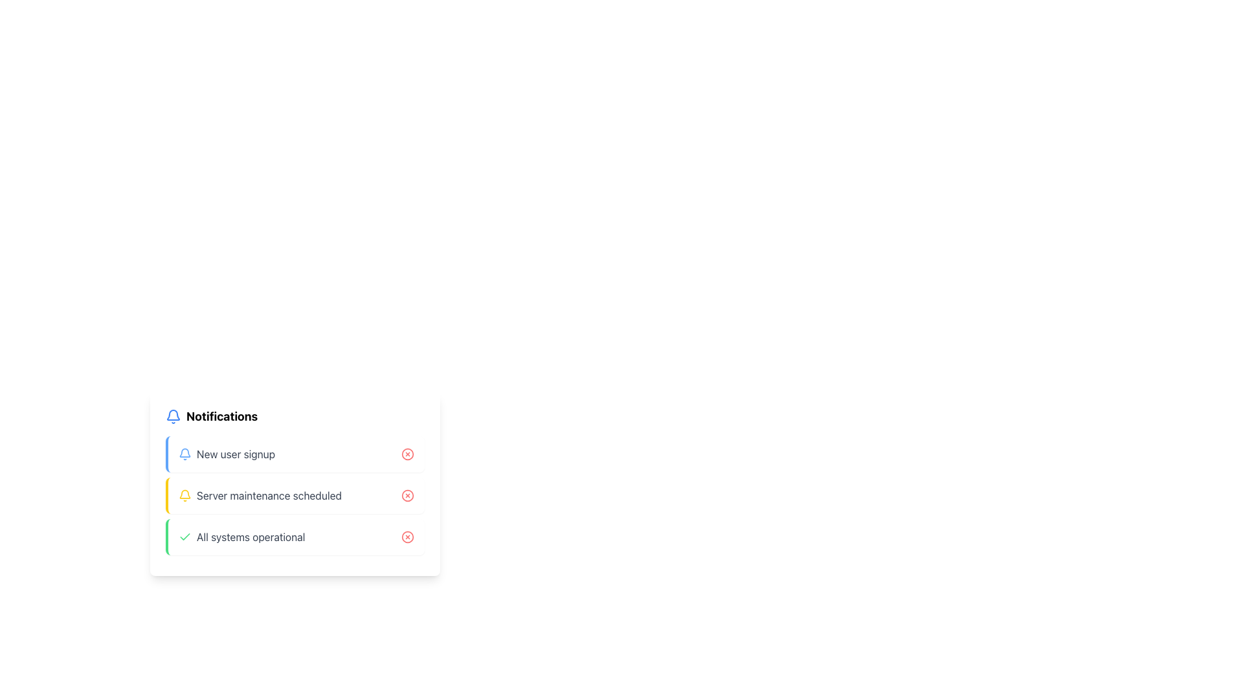 The width and height of the screenshot is (1243, 699). Describe the element at coordinates (407, 495) in the screenshot. I see `the dismiss icon on the right side of the 'Server maintenance scheduled' notification` at that location.